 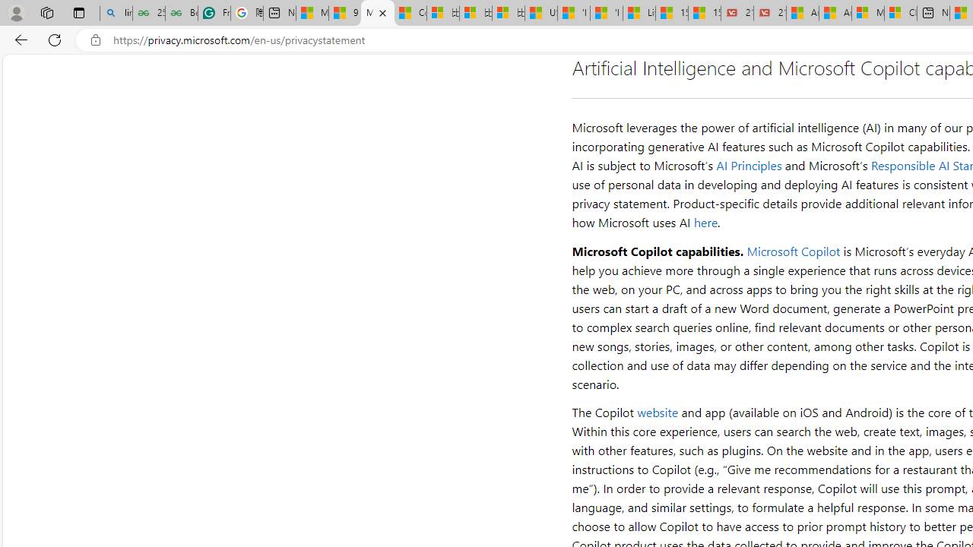 I want to click on '25 Basic Linux Commands For Beginners - GeeksforGeeks', so click(x=149, y=13).